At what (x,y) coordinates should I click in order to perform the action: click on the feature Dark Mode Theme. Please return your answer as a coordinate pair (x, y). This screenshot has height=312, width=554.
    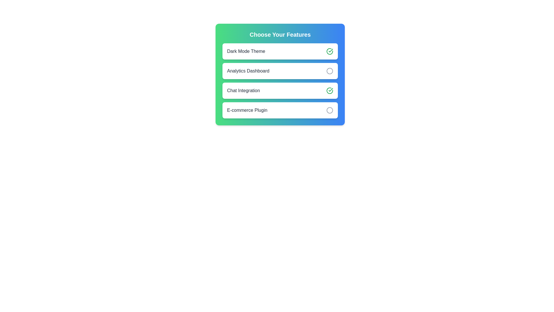
    Looking at the image, I should click on (330, 51).